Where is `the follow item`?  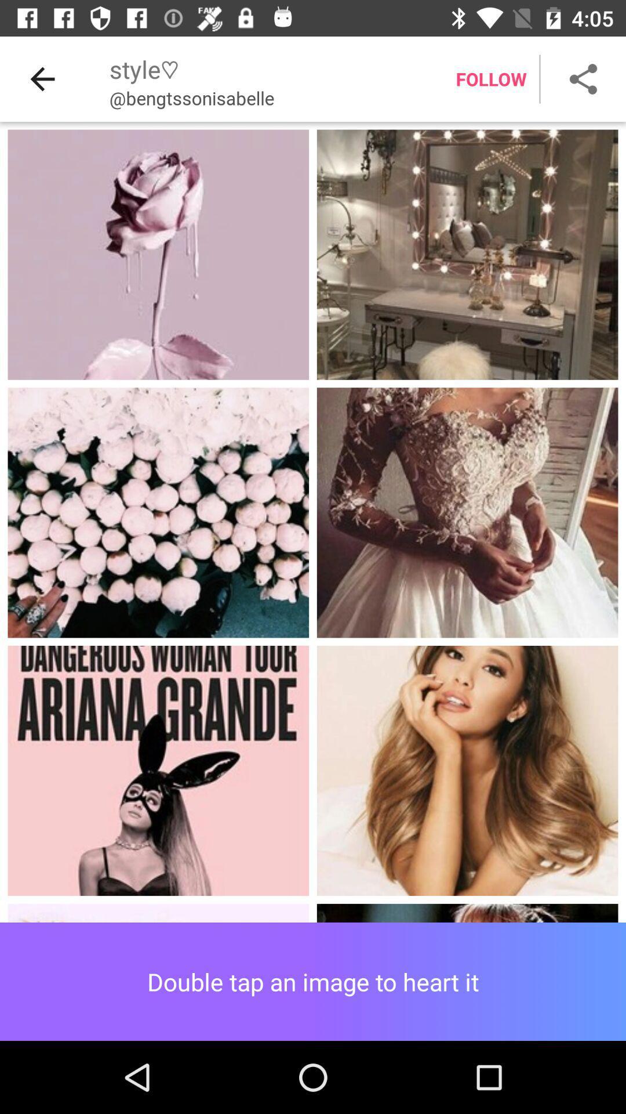 the follow item is located at coordinates (491, 78).